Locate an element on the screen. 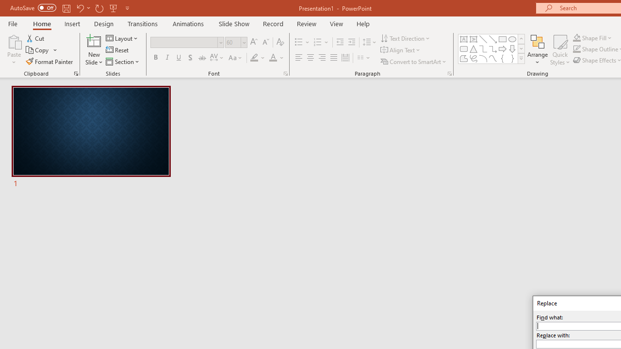  'Line Spacing' is located at coordinates (369, 42).